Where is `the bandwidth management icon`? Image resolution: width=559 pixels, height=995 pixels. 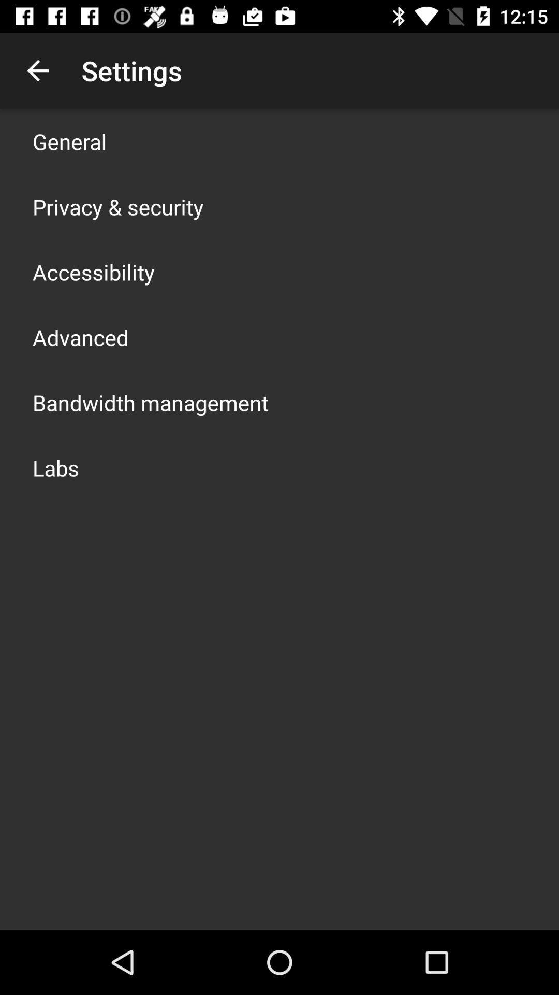
the bandwidth management icon is located at coordinates (150, 402).